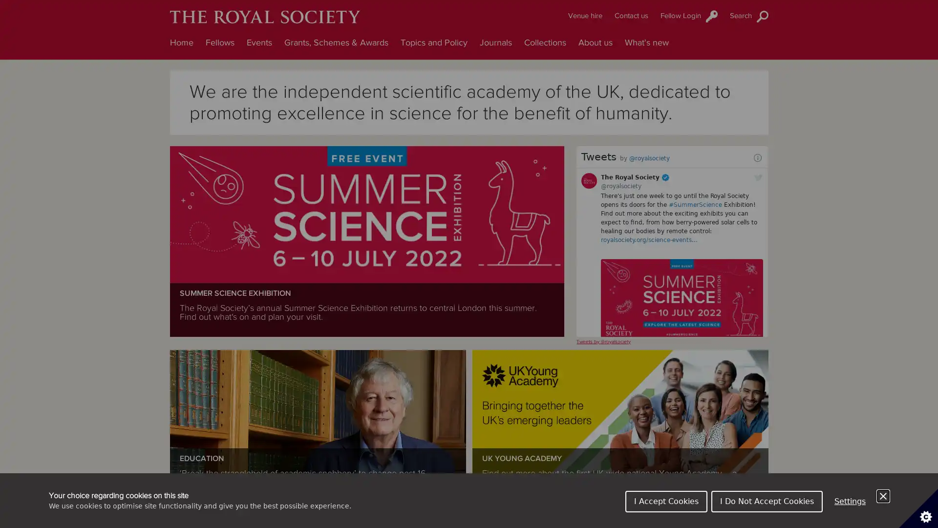  I want to click on Close Cookie Control, so click(883, 496).